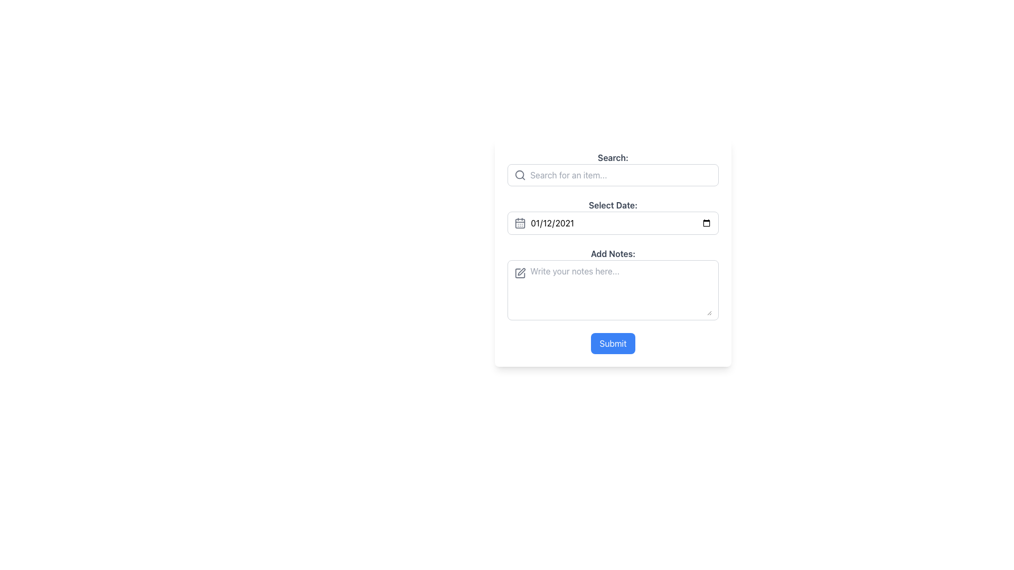  Describe the element at coordinates (613, 254) in the screenshot. I see `the 'Add Notes:' text label which is displayed in bold and gray font, positioned above the text input area with the placeholder 'Write your notes here...'` at that location.